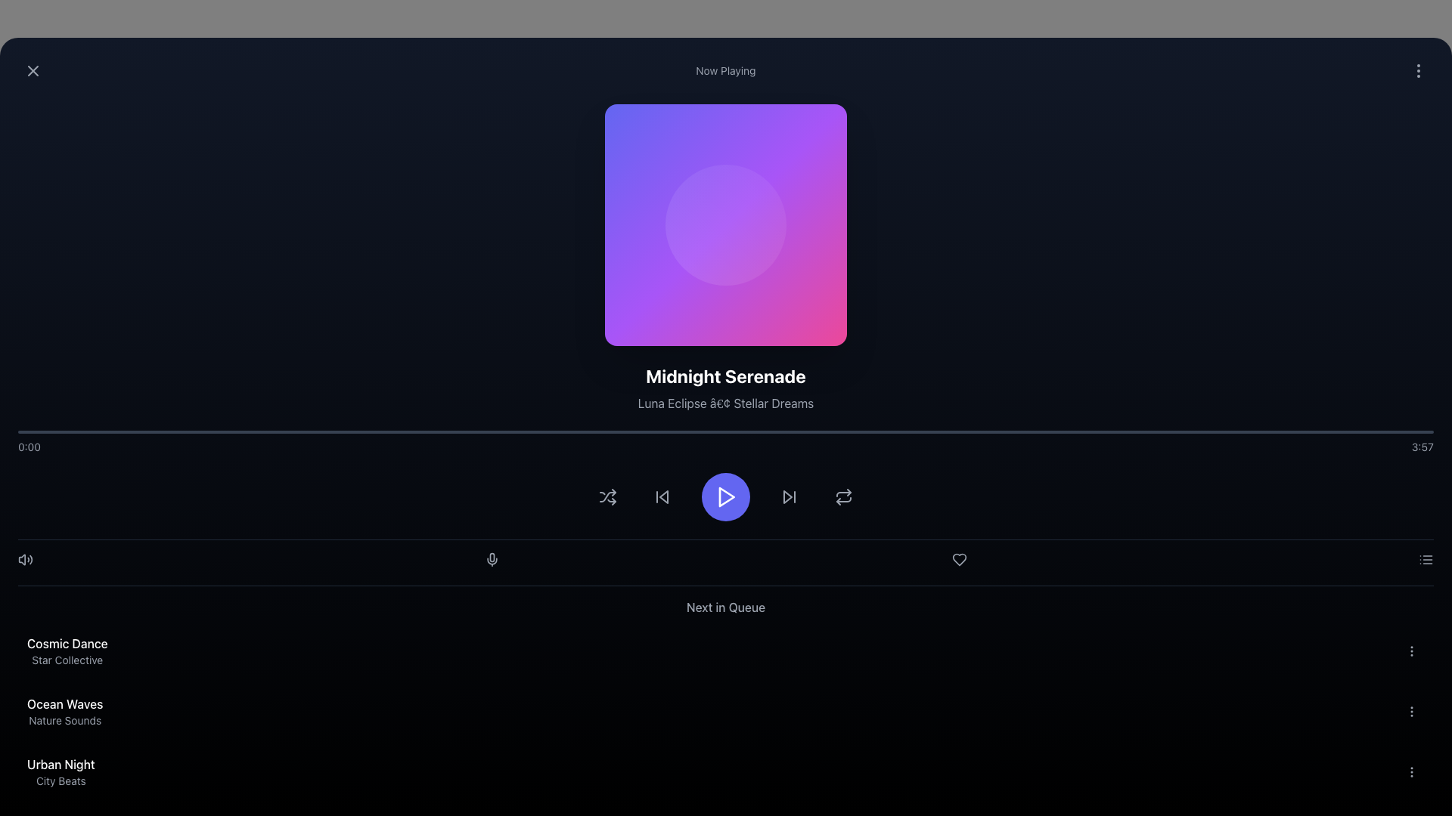  I want to click on the playback progress, so click(627, 431).